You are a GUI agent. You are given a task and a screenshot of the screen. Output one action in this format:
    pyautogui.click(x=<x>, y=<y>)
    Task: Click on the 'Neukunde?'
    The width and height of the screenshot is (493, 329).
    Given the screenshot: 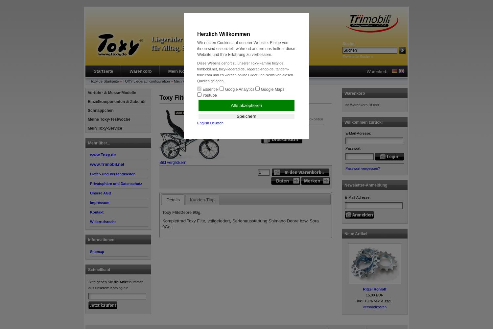 What is the action you would take?
    pyautogui.click(x=219, y=71)
    